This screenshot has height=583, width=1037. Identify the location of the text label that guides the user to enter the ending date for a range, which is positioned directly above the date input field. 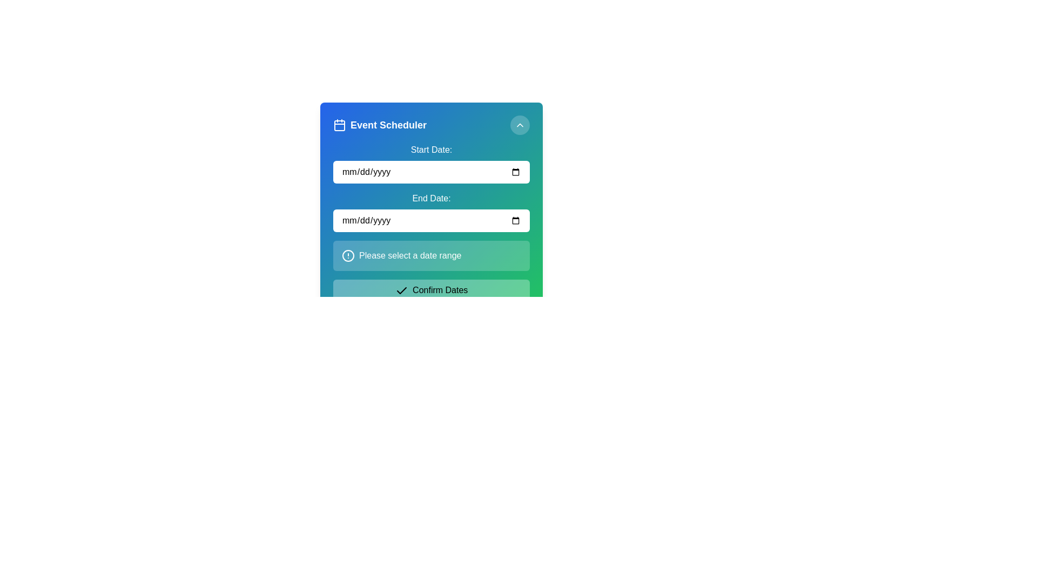
(430, 198).